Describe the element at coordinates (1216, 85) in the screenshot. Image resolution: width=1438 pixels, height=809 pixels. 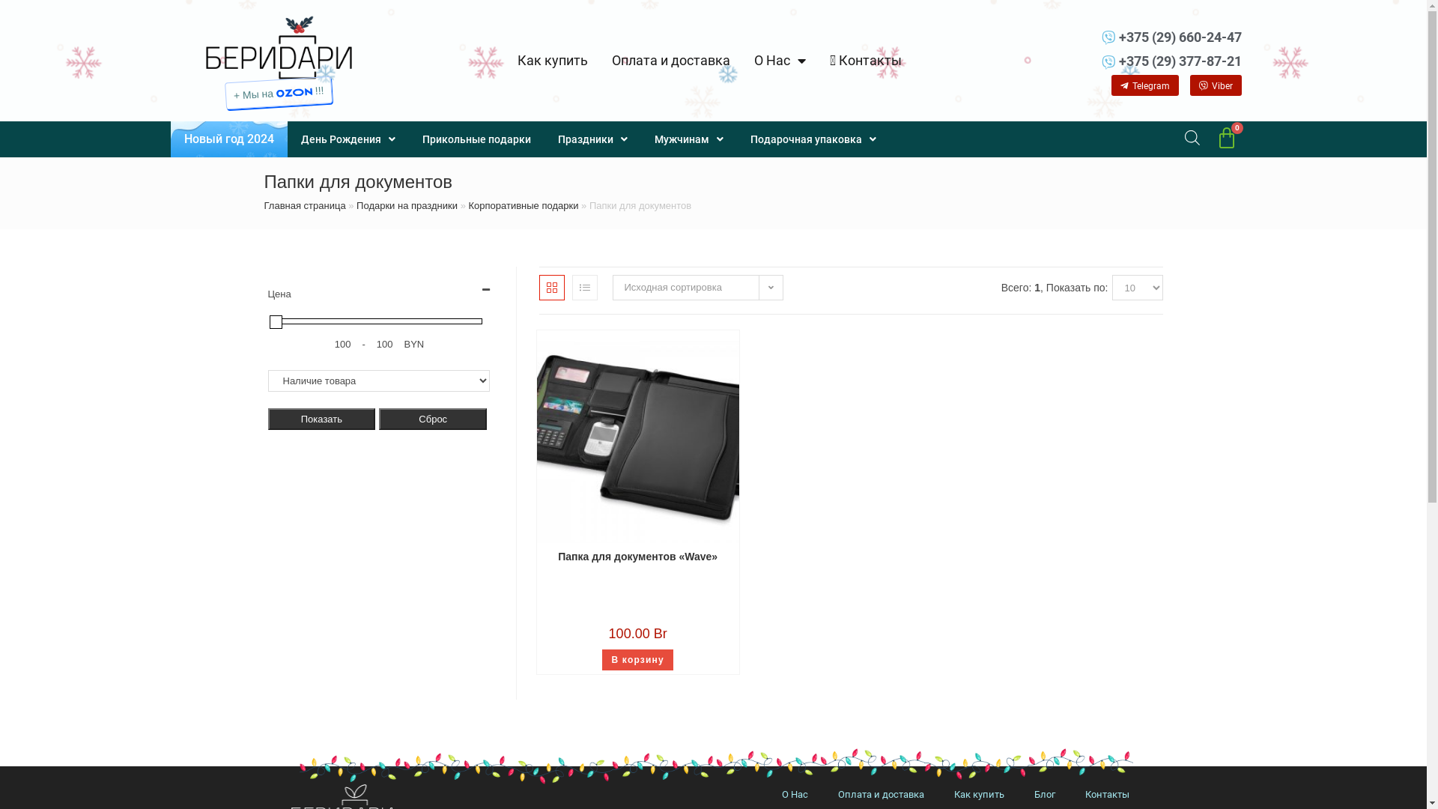
I see `'Viber'` at that location.